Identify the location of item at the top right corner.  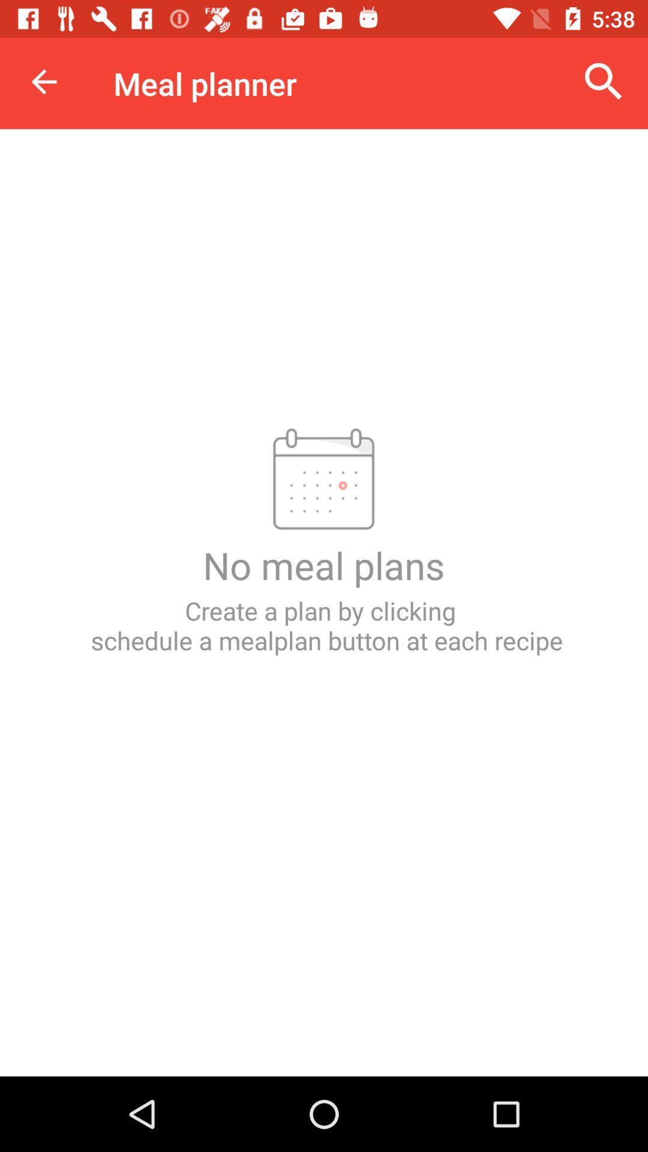
(604, 81).